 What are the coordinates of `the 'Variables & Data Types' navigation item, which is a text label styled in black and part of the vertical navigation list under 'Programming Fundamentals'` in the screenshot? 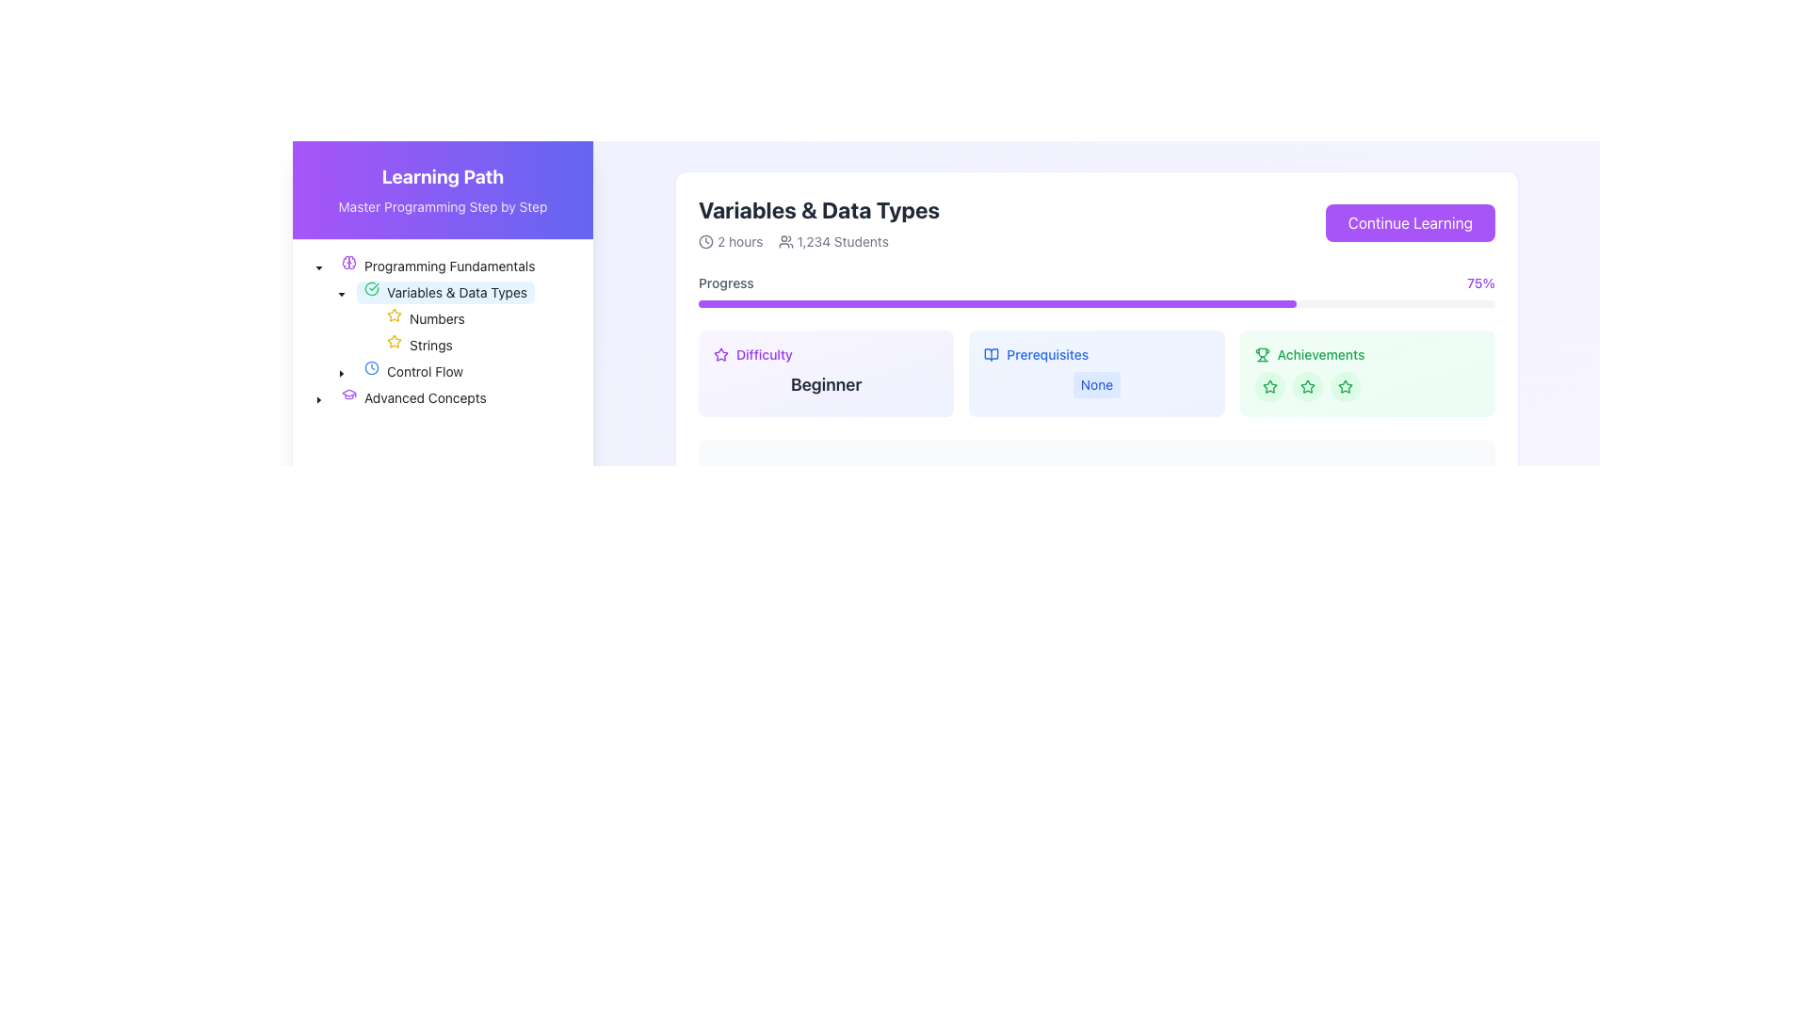 It's located at (457, 292).